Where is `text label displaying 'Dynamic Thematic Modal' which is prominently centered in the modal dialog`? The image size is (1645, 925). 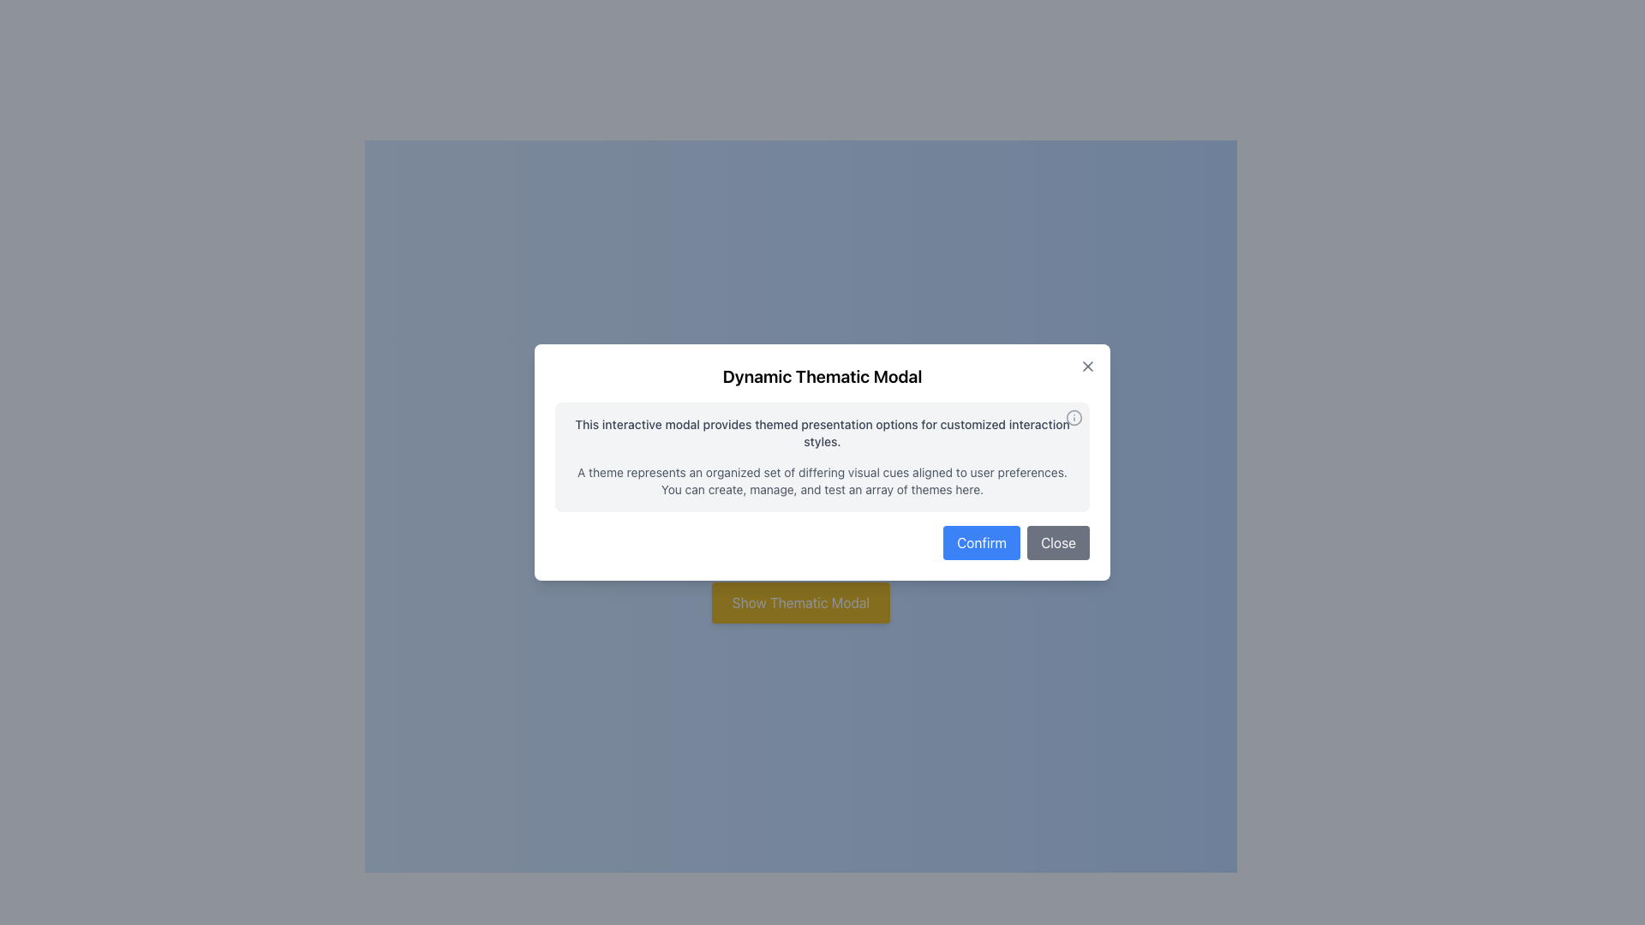
text label displaying 'Dynamic Thematic Modal' which is prominently centered in the modal dialog is located at coordinates (822, 375).